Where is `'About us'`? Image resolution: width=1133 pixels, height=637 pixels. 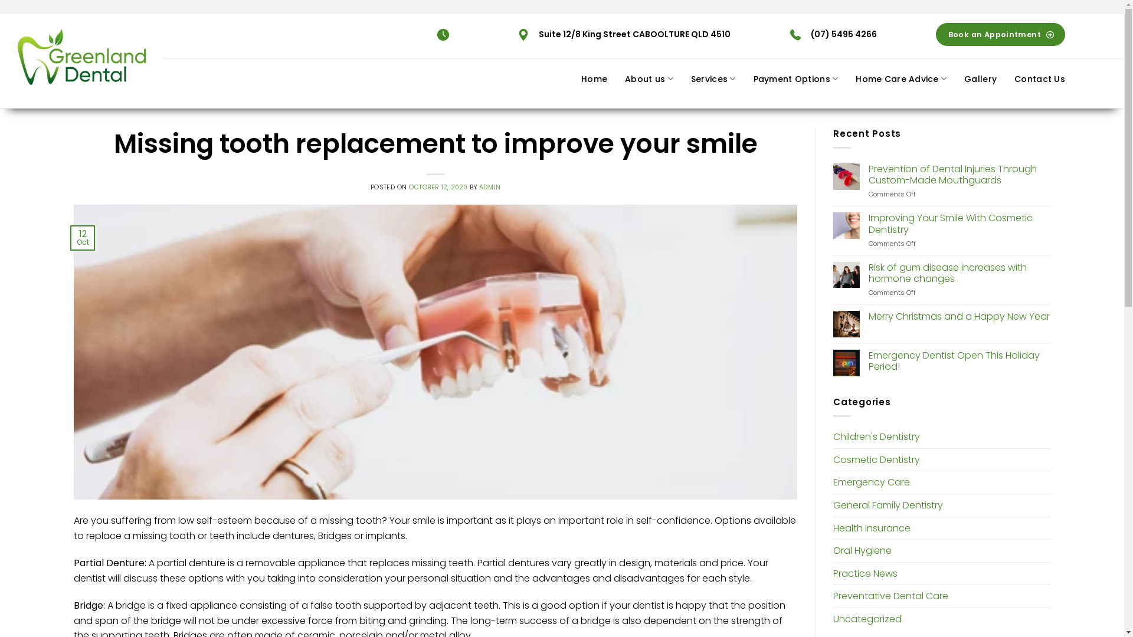 'About us' is located at coordinates (648, 78).